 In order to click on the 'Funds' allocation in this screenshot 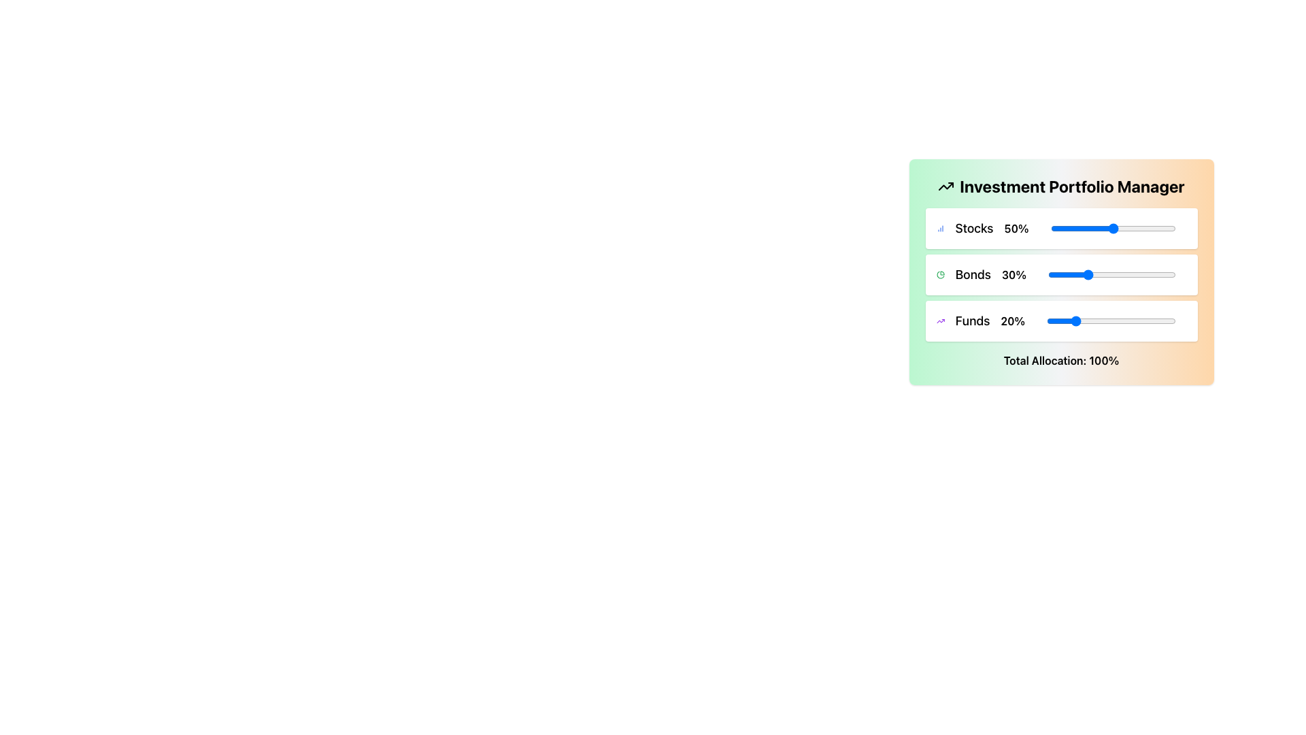, I will do `click(1135, 321)`.